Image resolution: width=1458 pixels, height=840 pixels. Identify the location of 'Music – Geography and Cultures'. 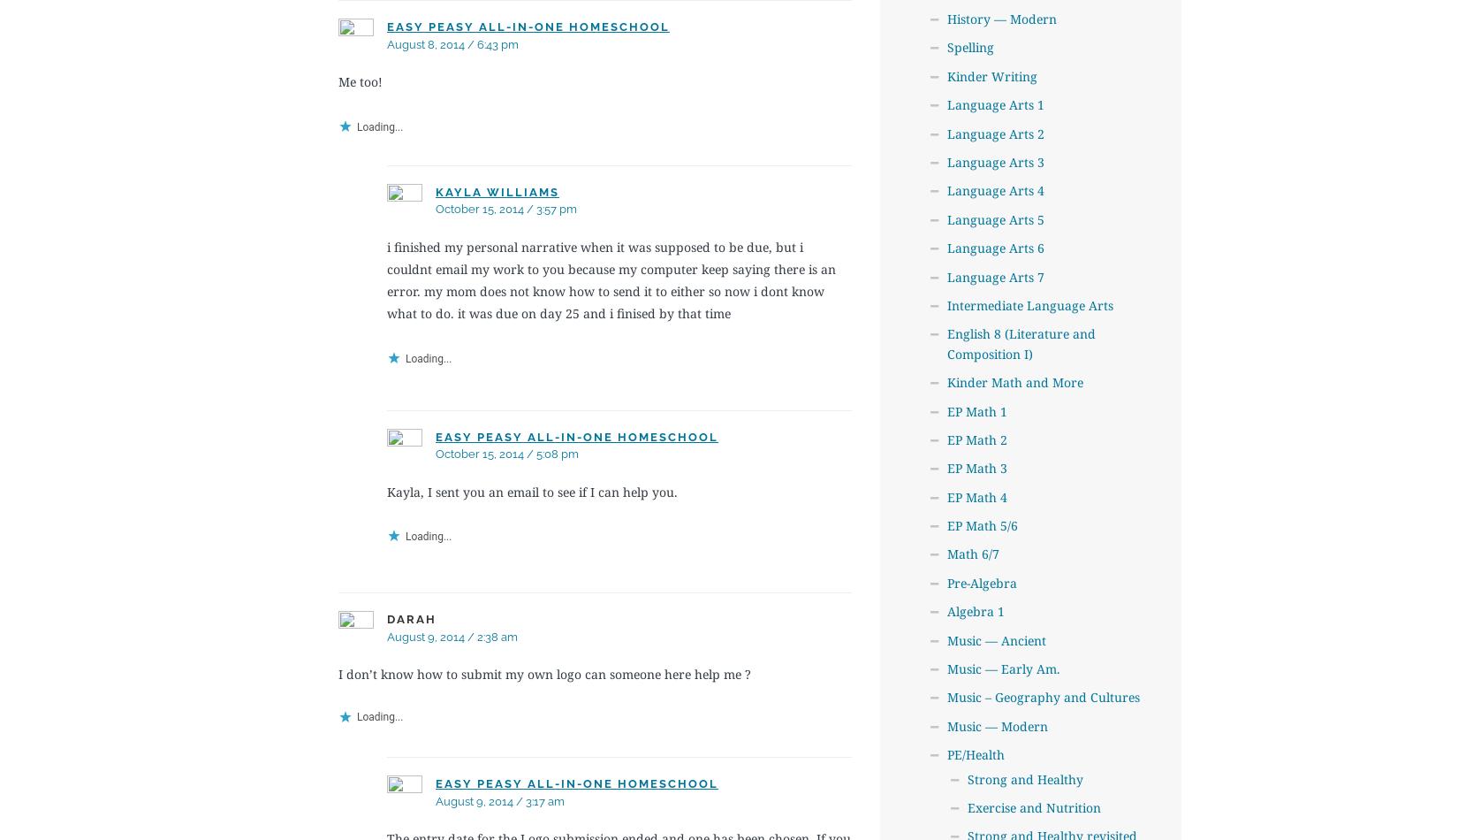
(1043, 696).